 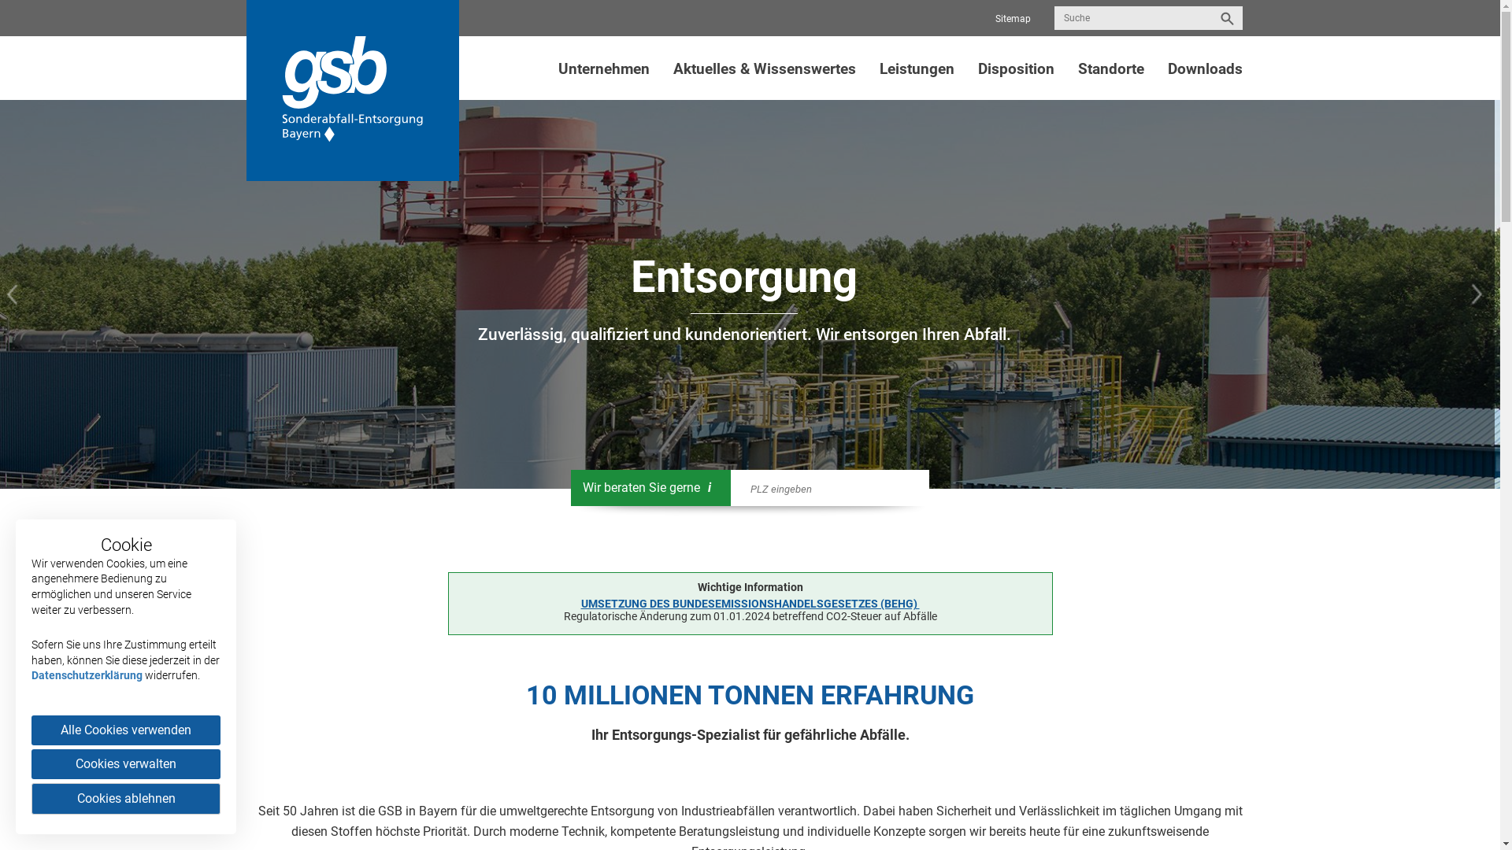 What do you see at coordinates (964, 68) in the screenshot?
I see `'Disposition'` at bounding box center [964, 68].